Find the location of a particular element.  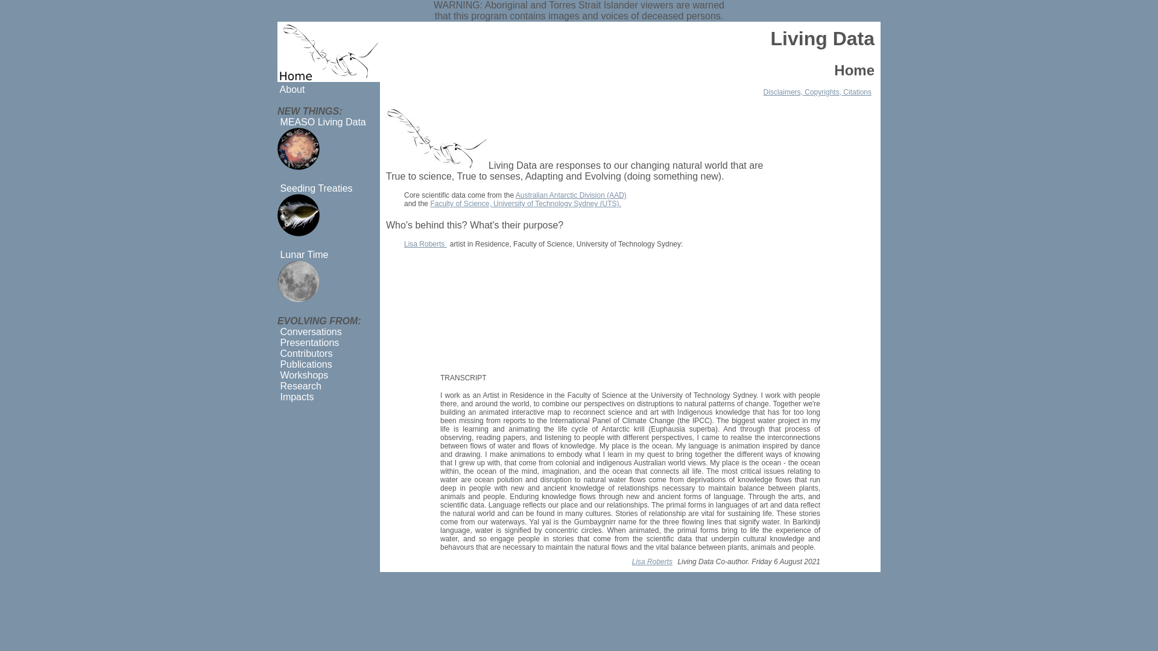

'Home' is located at coordinates (329, 51).